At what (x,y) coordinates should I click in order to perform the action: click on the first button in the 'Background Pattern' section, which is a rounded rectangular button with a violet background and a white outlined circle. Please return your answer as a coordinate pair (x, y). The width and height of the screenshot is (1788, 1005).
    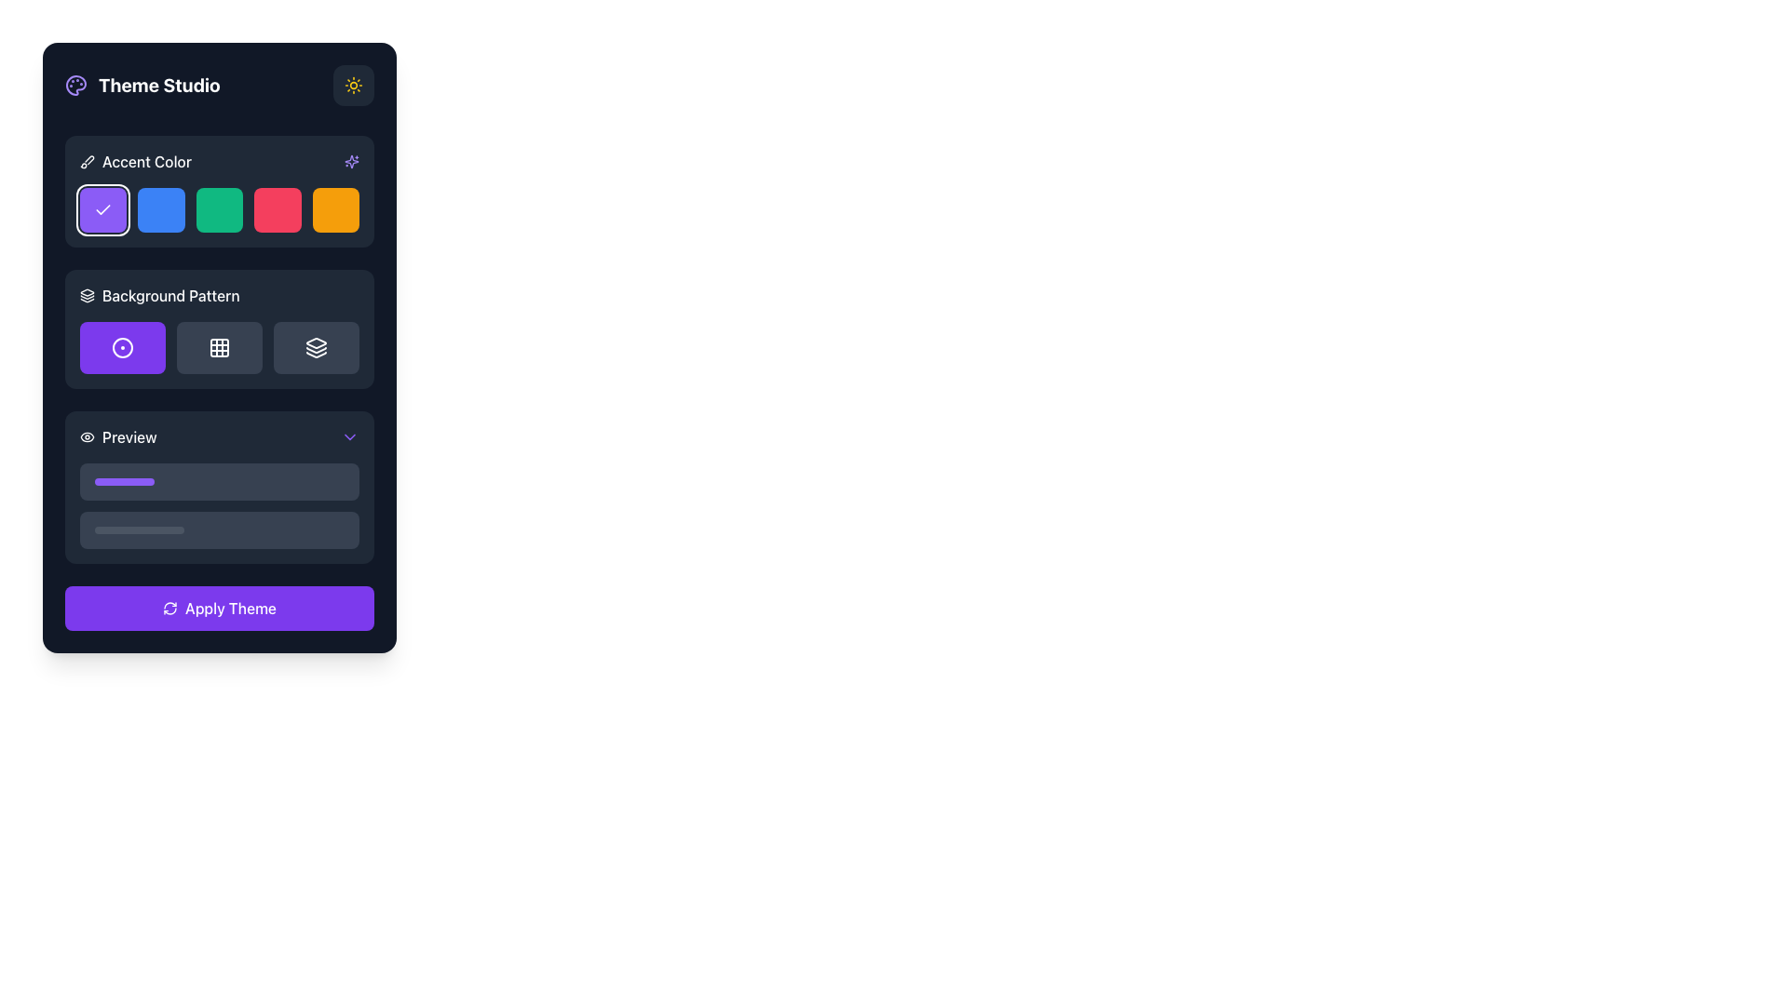
    Looking at the image, I should click on (122, 348).